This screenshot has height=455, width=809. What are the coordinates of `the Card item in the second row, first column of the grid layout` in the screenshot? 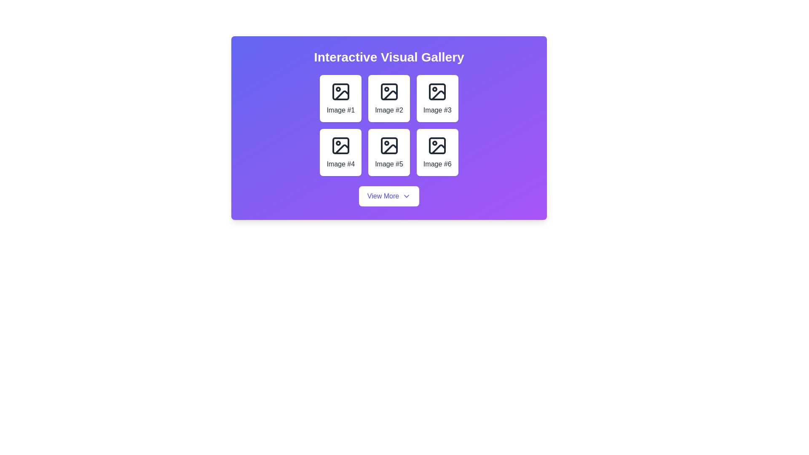 It's located at (340, 153).